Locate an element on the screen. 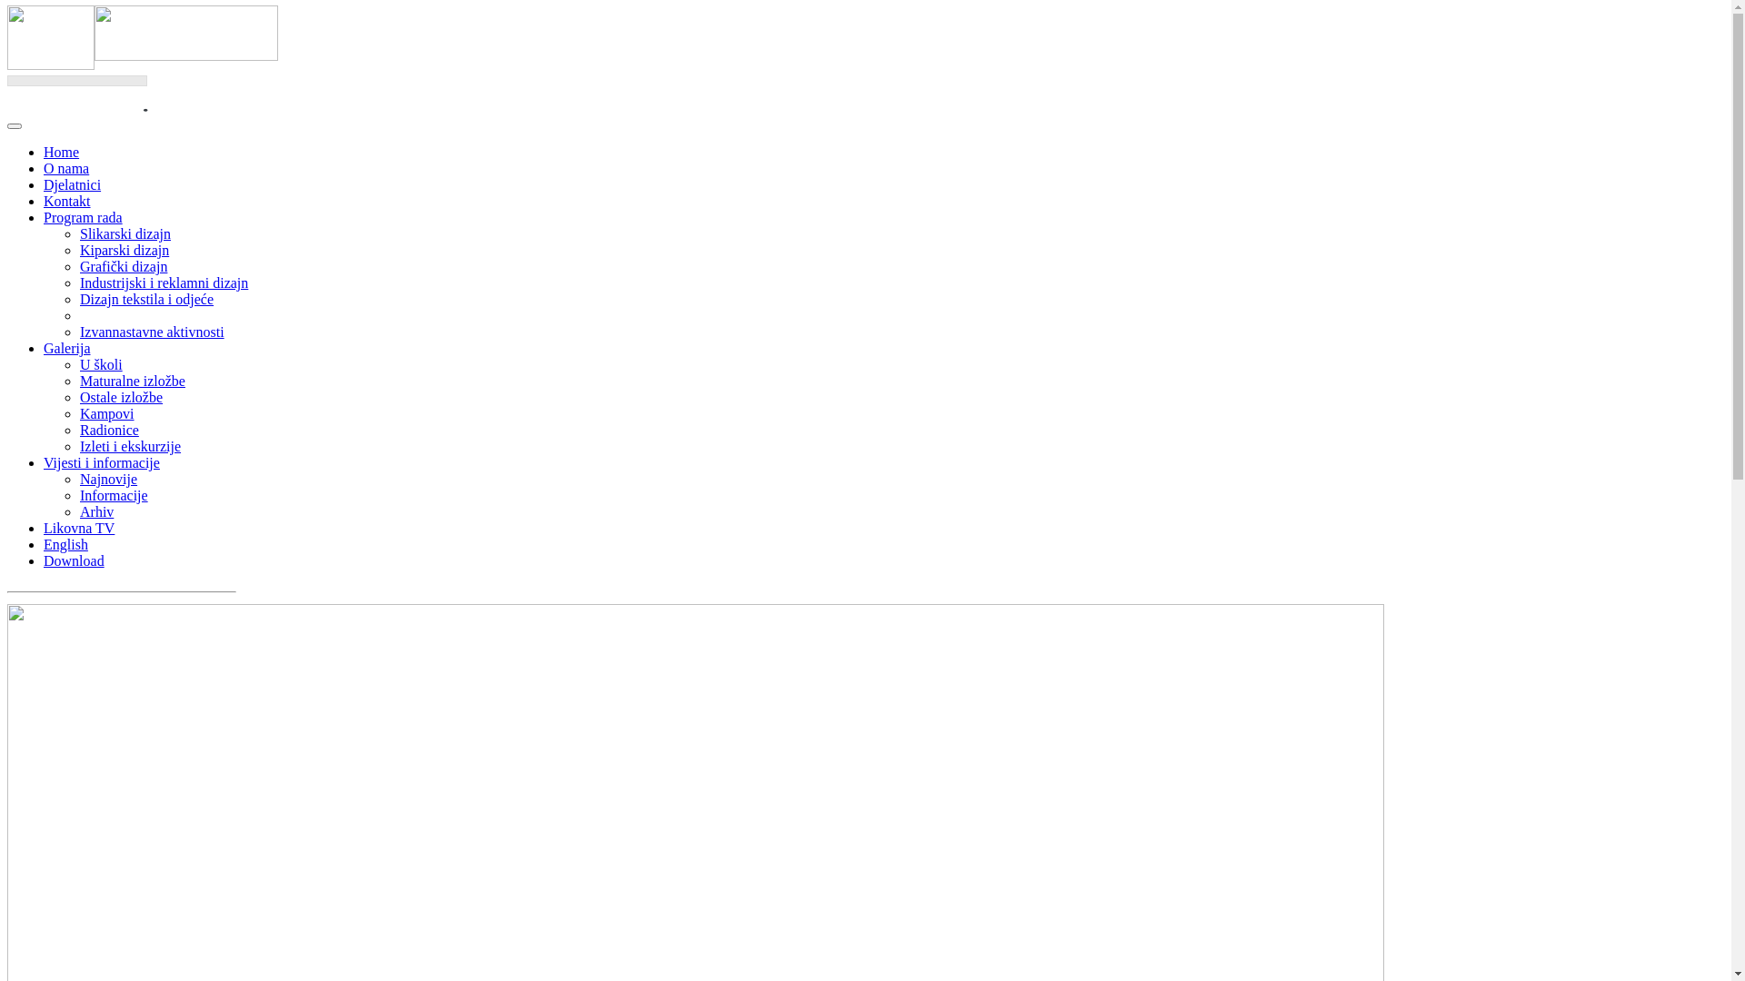  'Home' is located at coordinates (44, 151).